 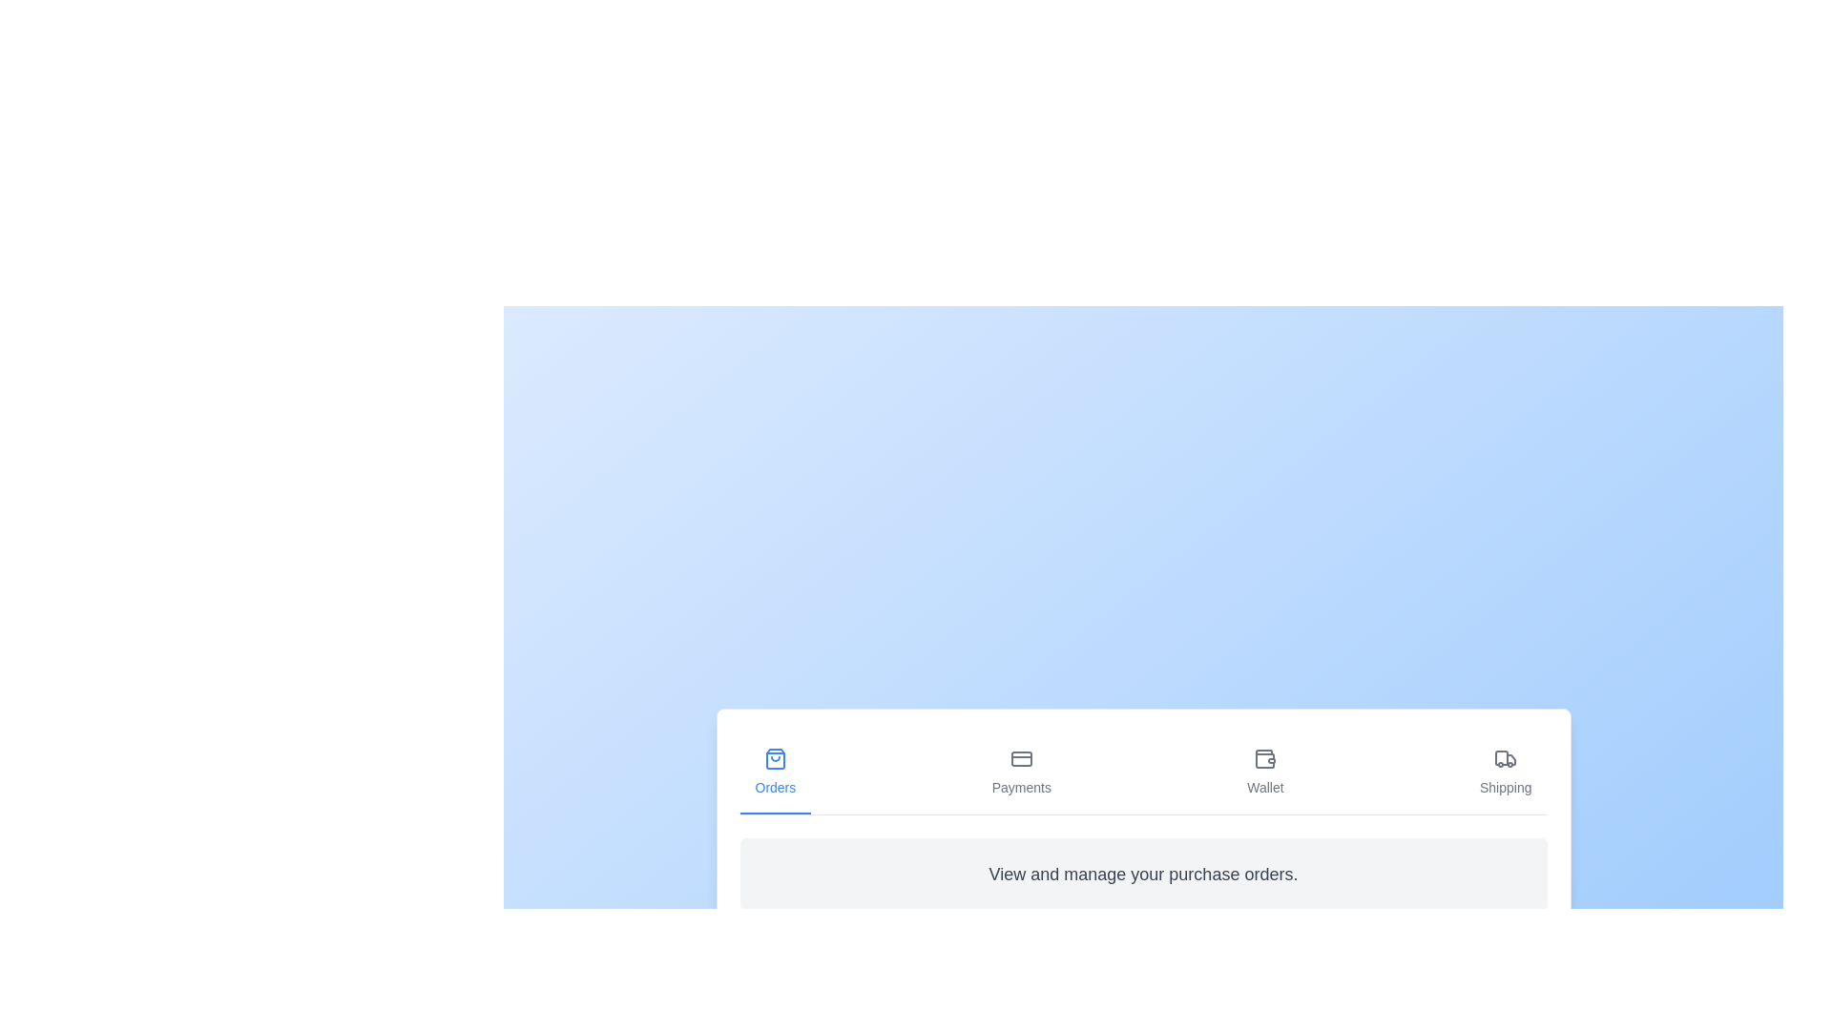 What do you see at coordinates (775, 757) in the screenshot?
I see `the shopping bag icon located at the top left of the 'Orders' tab` at bounding box center [775, 757].